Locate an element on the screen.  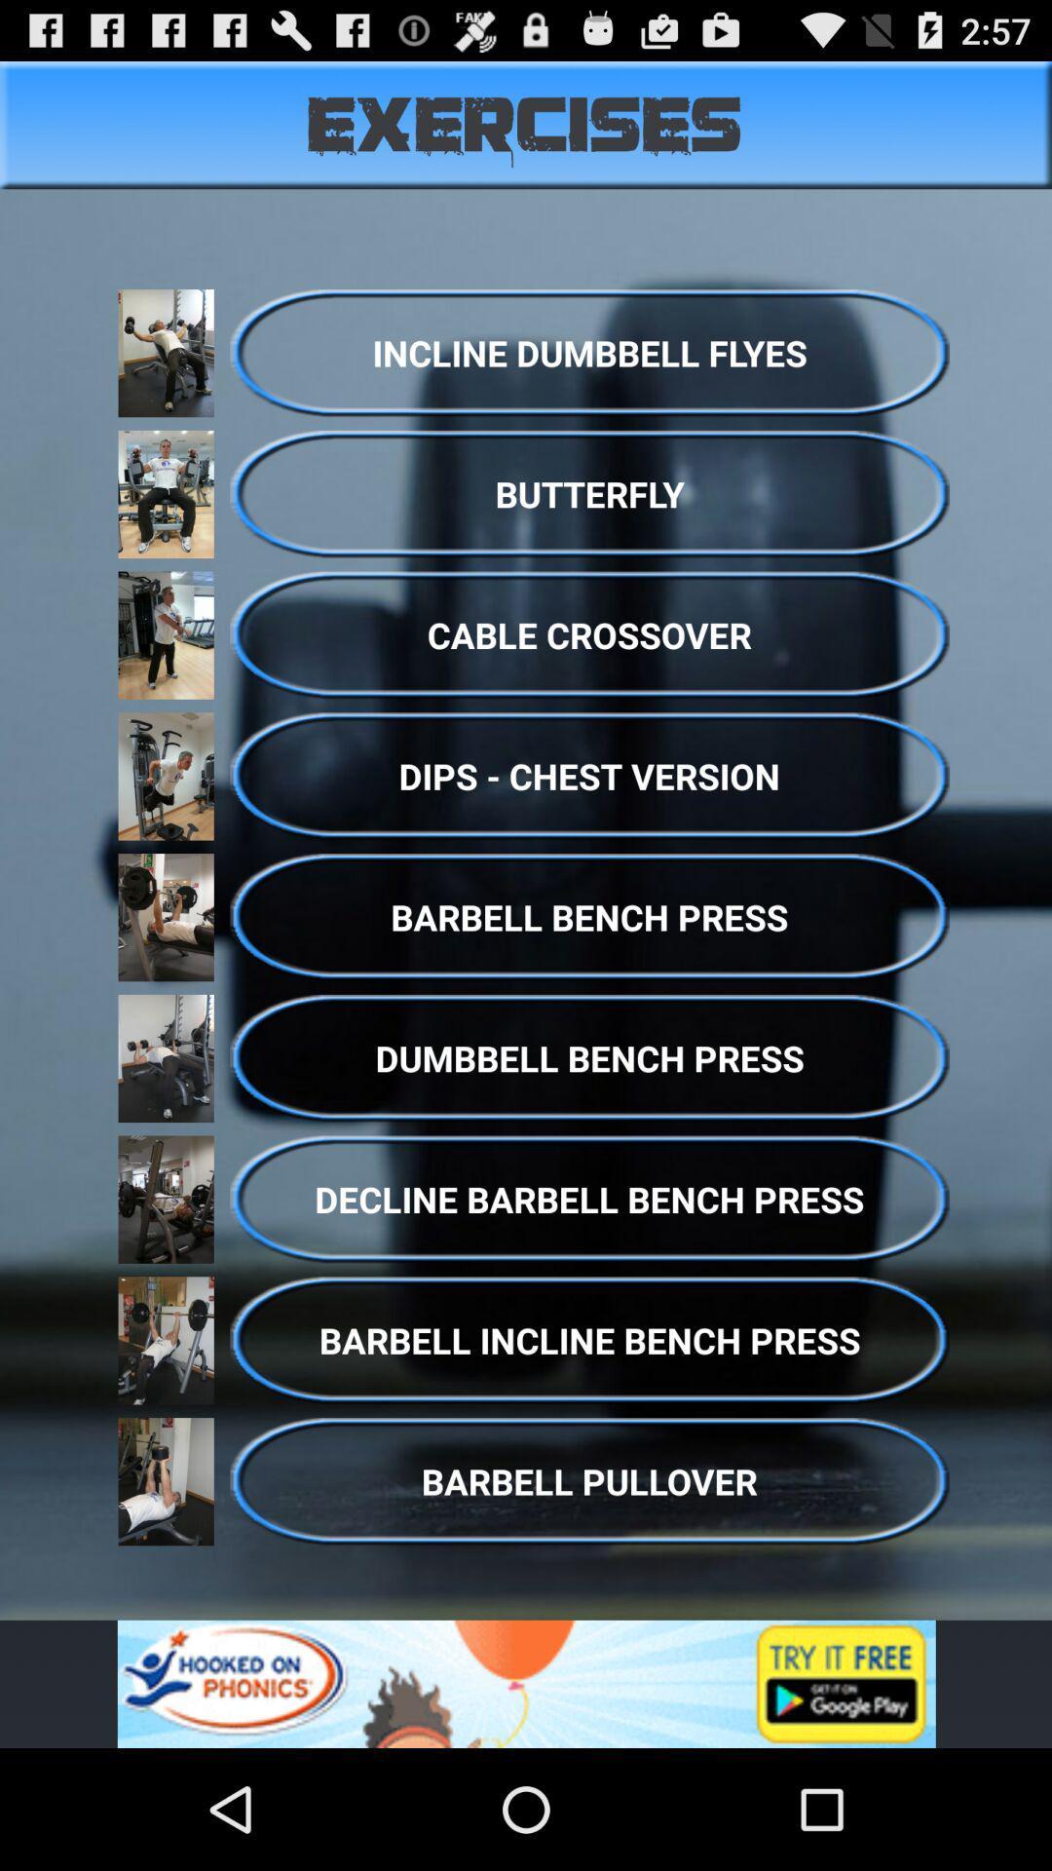
advertisement is located at coordinates (526, 1683).